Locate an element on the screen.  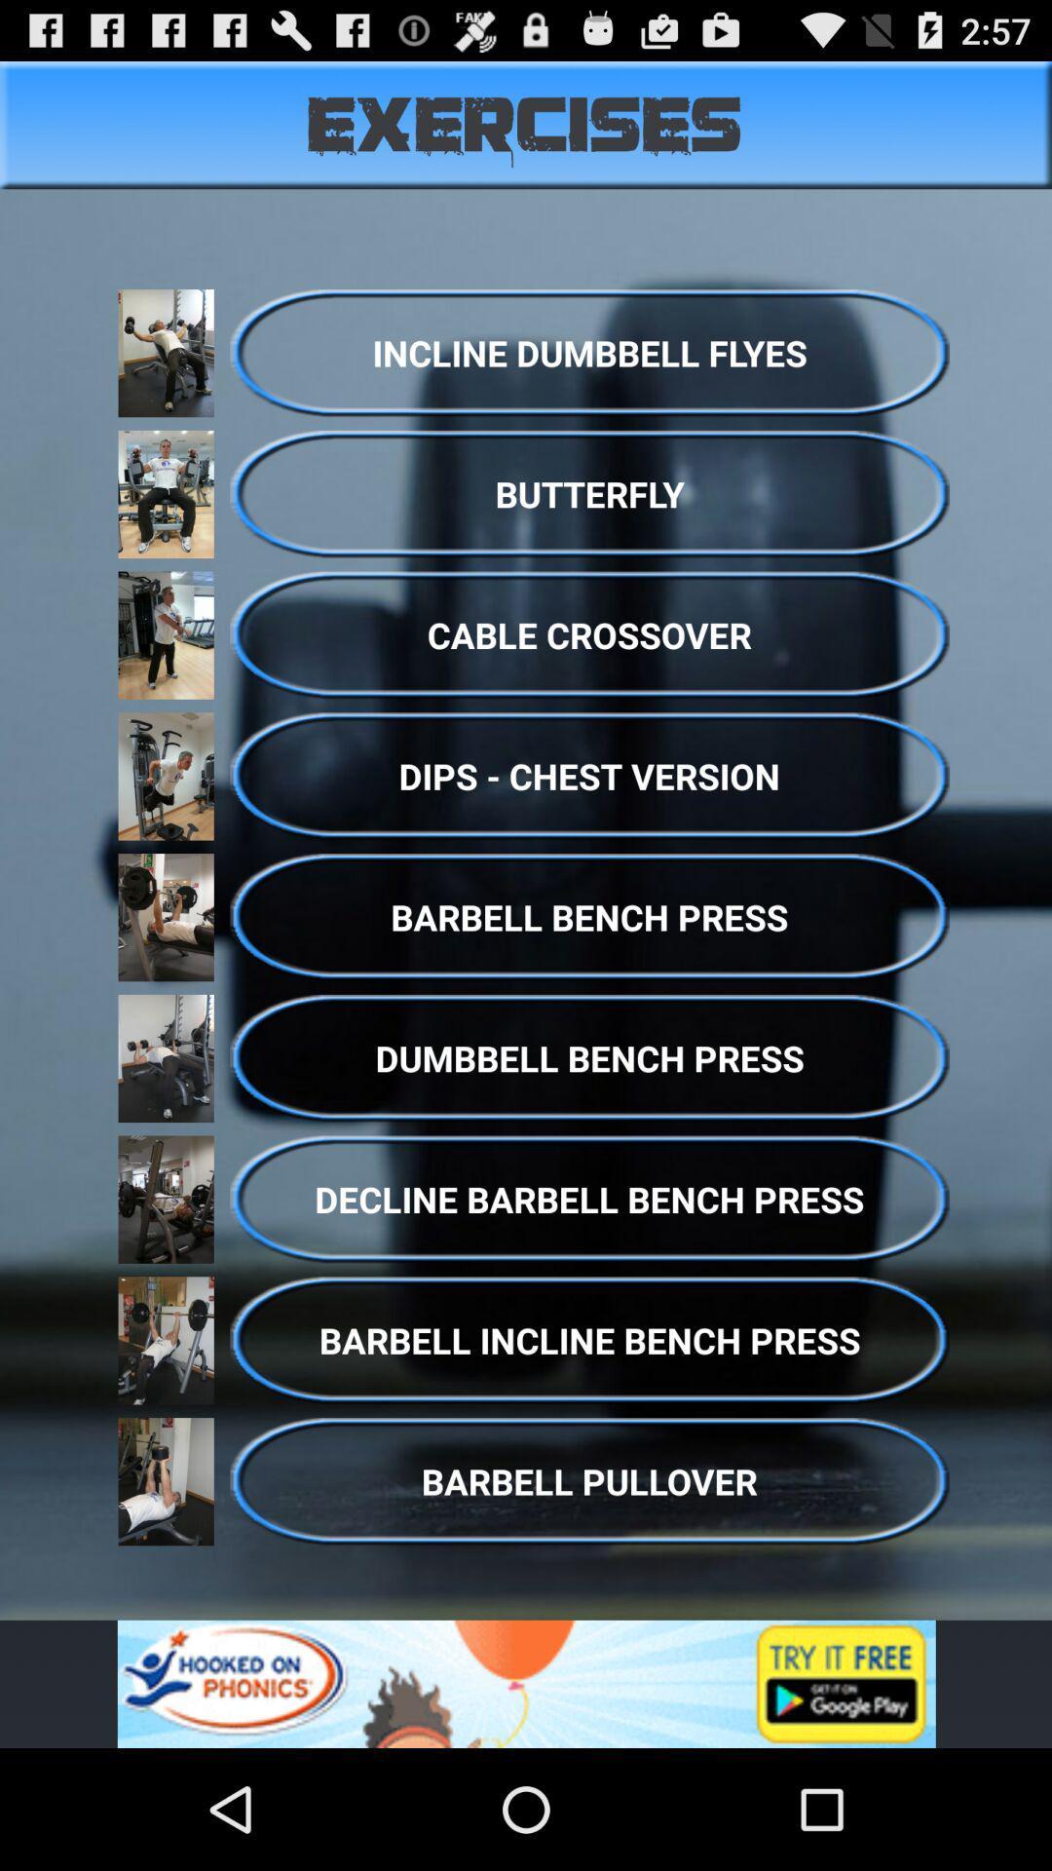
advertisement is located at coordinates (526, 1683).